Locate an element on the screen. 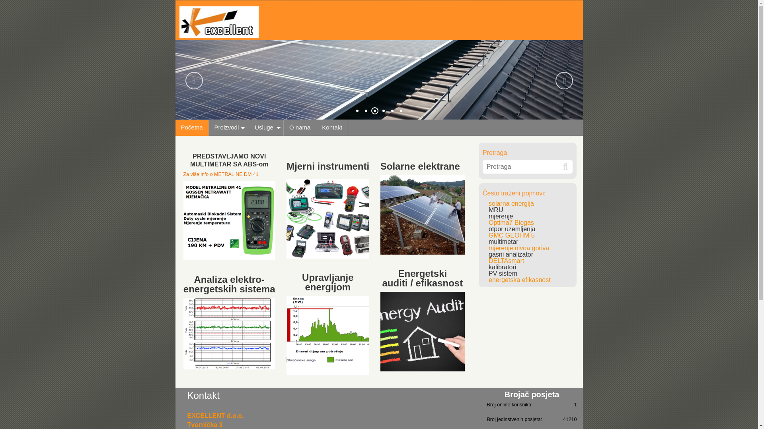  'Usluge' is located at coordinates (266, 127).